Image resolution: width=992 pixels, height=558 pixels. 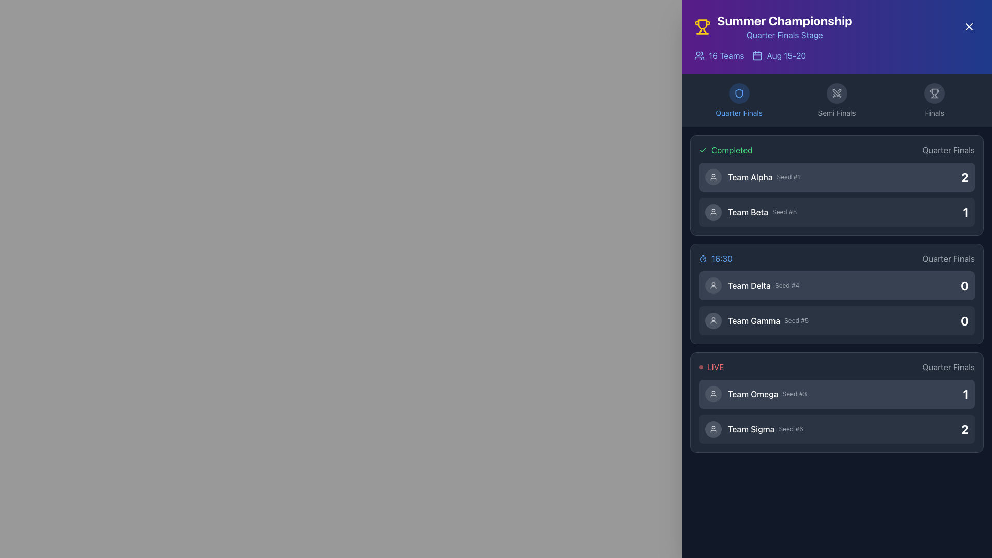 What do you see at coordinates (949, 258) in the screenshot?
I see `the text label reading 'Quarter Finals' which is styled in light gray color against a dark background, located to the right of the time '16:30'` at bounding box center [949, 258].